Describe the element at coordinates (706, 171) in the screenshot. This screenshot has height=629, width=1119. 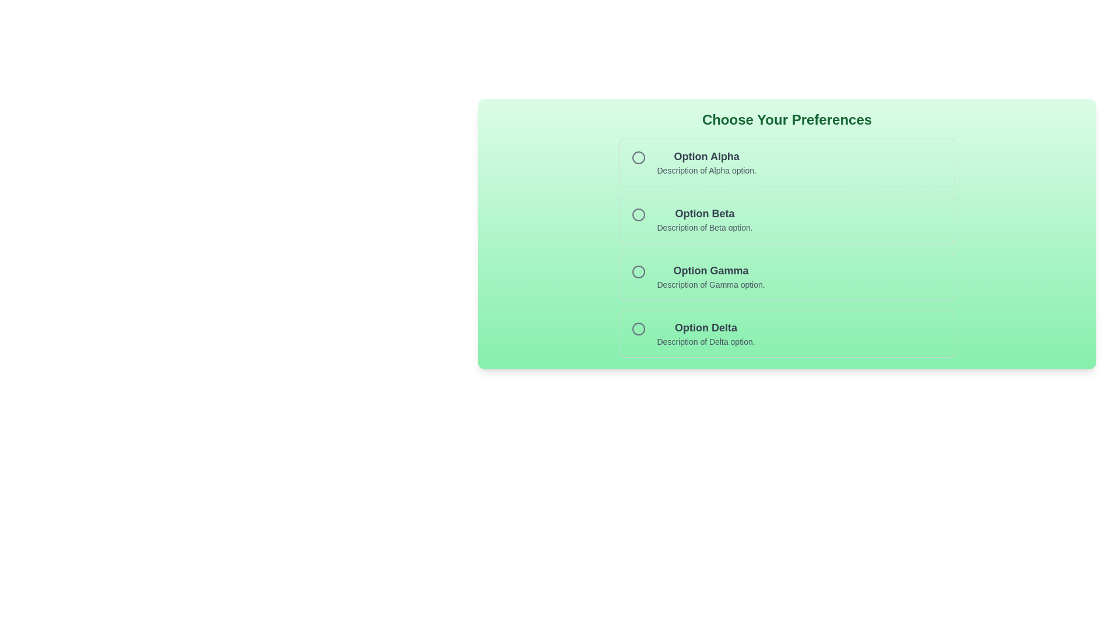
I see `the text label that reads 'Description of Alpha option', which is styled in a smaller gray font and positioned just below the bold label 'Option Alpha'` at that location.